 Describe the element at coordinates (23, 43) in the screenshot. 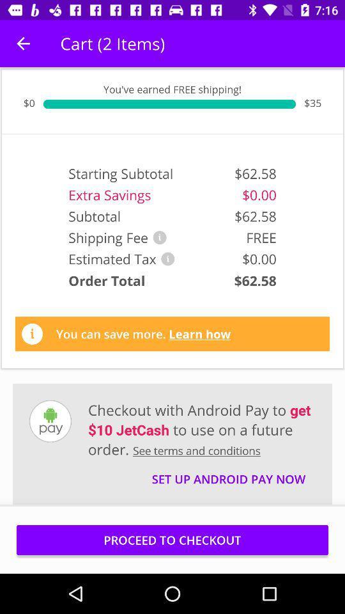

I see `item to the left of cart (2 items) item` at that location.